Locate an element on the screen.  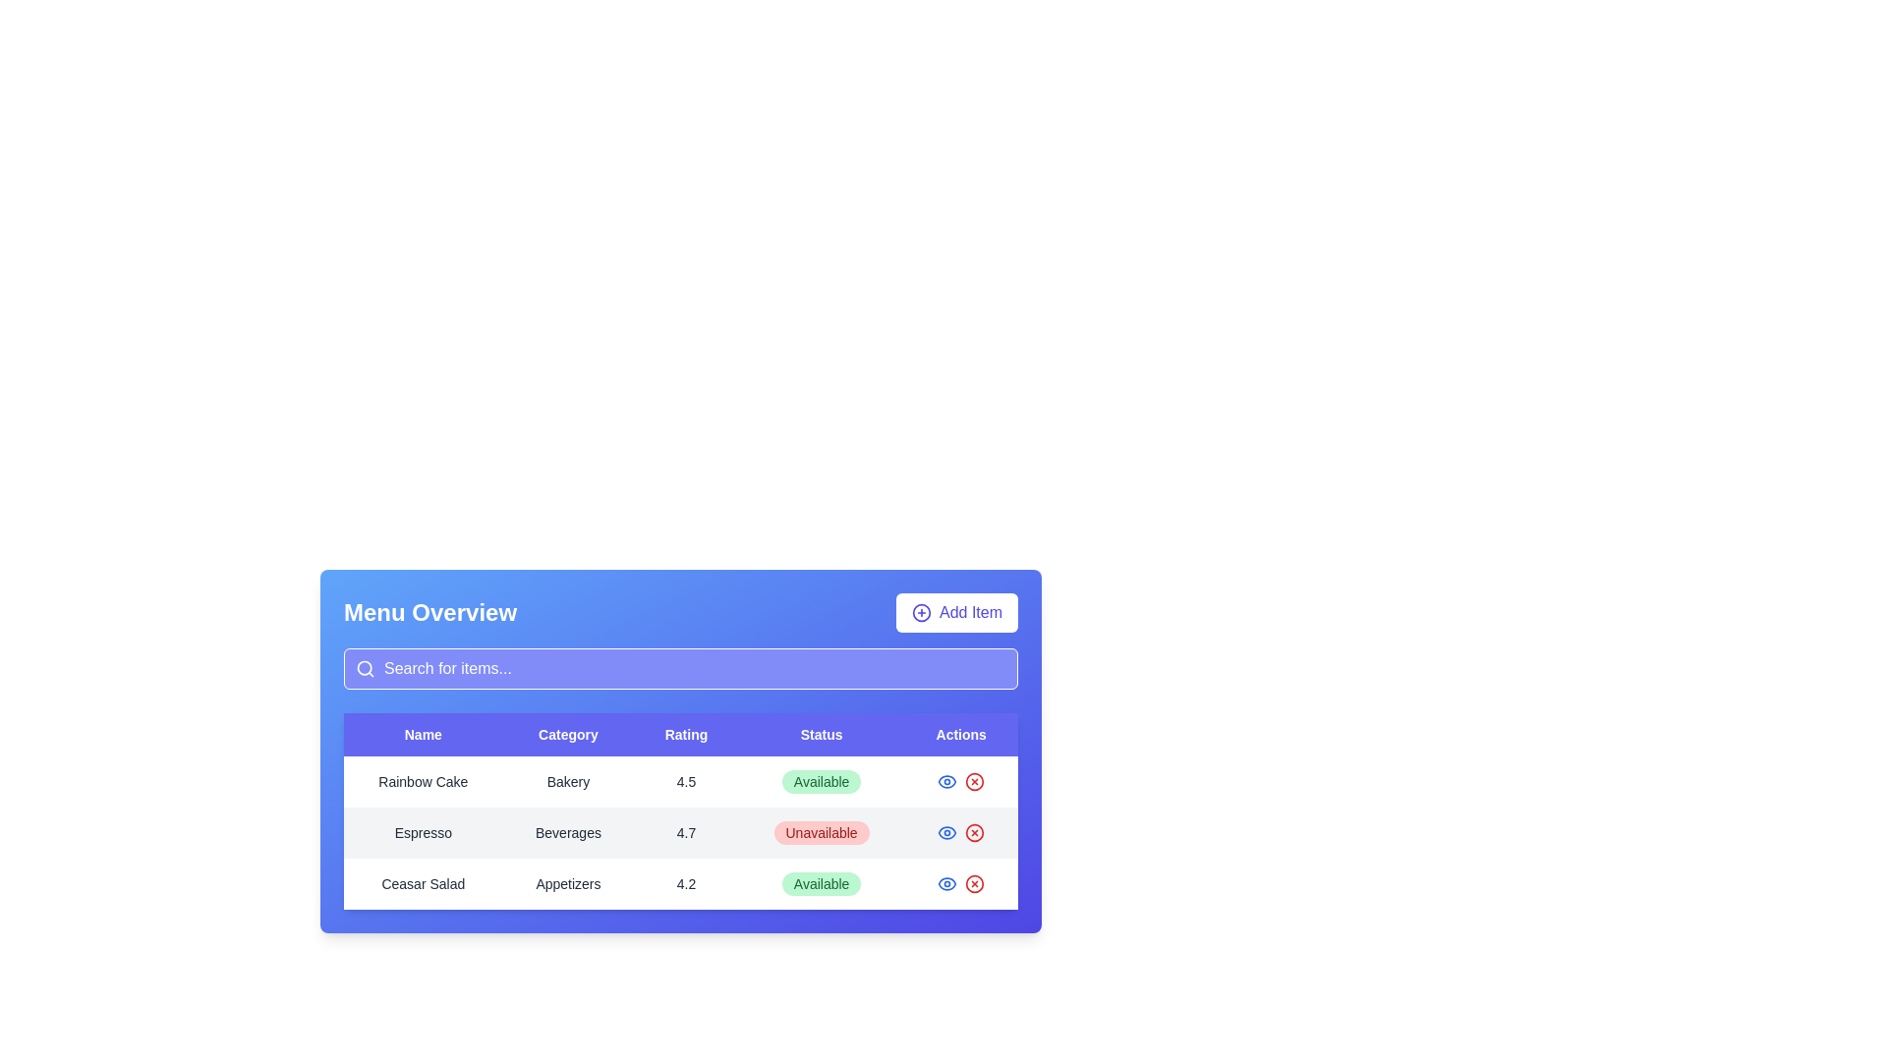
the category label in the second cell of the table row is located at coordinates (567, 833).